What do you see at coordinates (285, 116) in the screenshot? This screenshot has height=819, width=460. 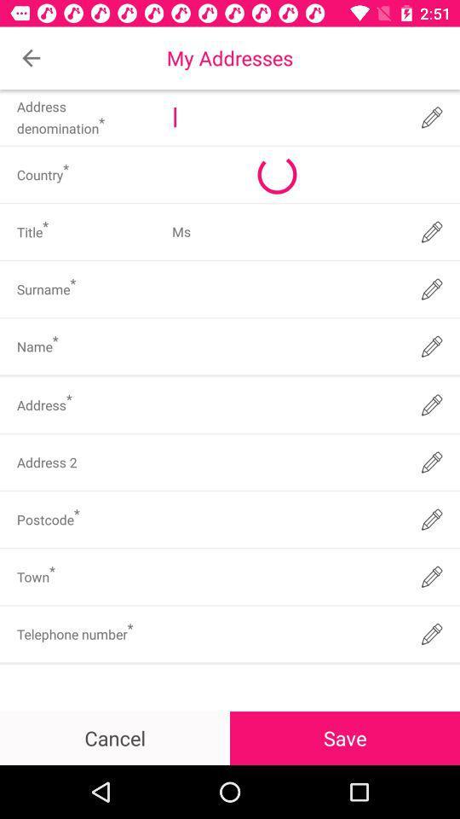 I see `address` at bounding box center [285, 116].